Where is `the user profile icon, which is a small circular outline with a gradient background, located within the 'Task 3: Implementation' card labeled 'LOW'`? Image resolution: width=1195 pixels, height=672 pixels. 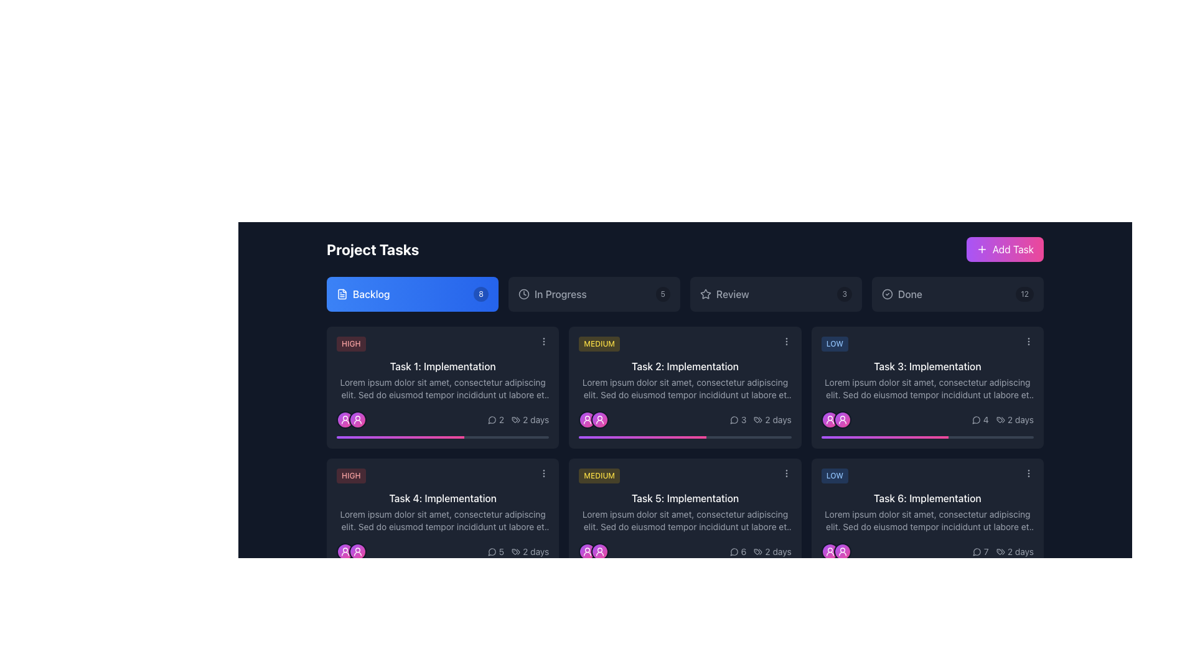
the user profile icon, which is a small circular outline with a gradient background, located within the 'Task 3: Implementation' card labeled 'LOW' is located at coordinates (842, 420).